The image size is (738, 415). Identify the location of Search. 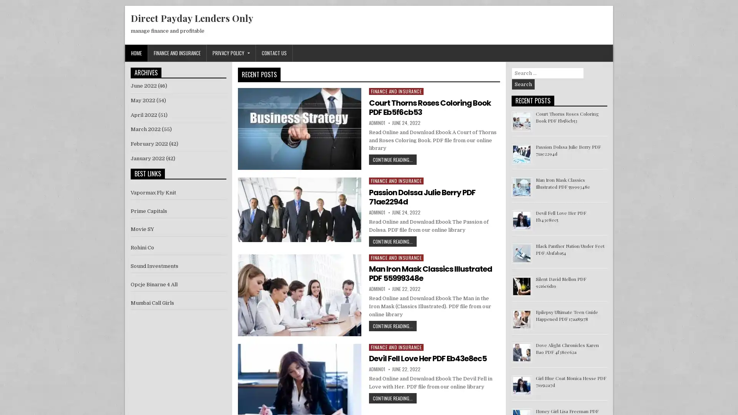
(523, 84).